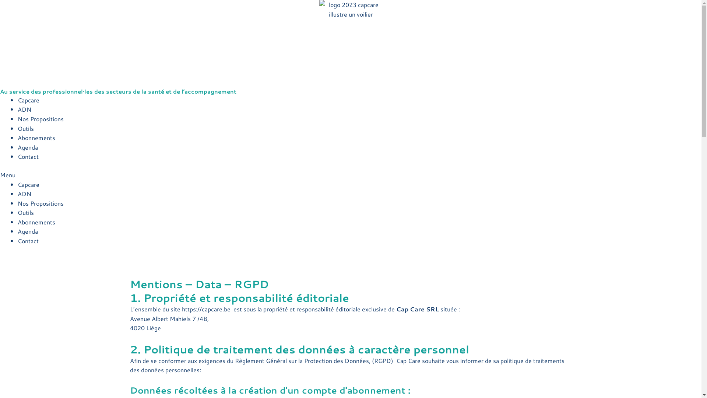 This screenshot has height=398, width=707. I want to click on 'Outils', so click(26, 212).